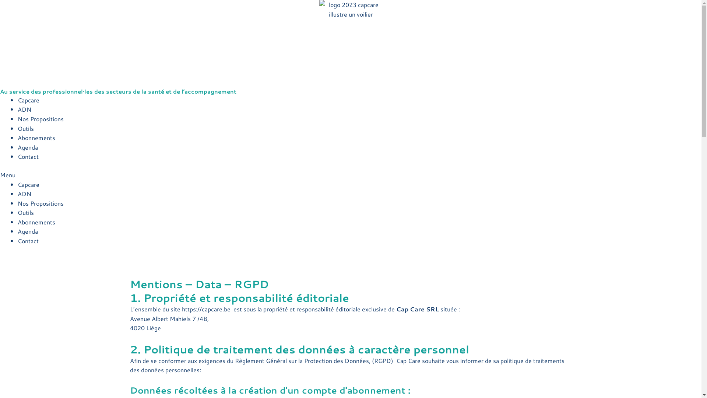 This screenshot has height=398, width=707. I want to click on 'Outils', so click(26, 212).